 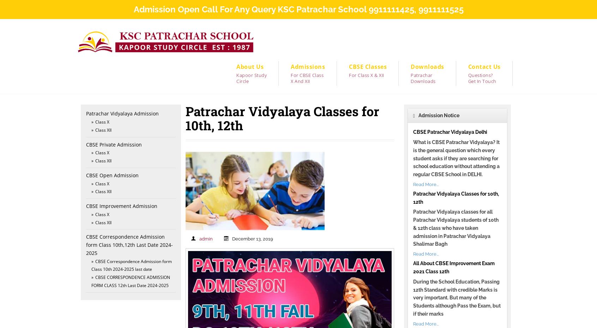 What do you see at coordinates (438, 115) in the screenshot?
I see `'Admission Notice'` at bounding box center [438, 115].